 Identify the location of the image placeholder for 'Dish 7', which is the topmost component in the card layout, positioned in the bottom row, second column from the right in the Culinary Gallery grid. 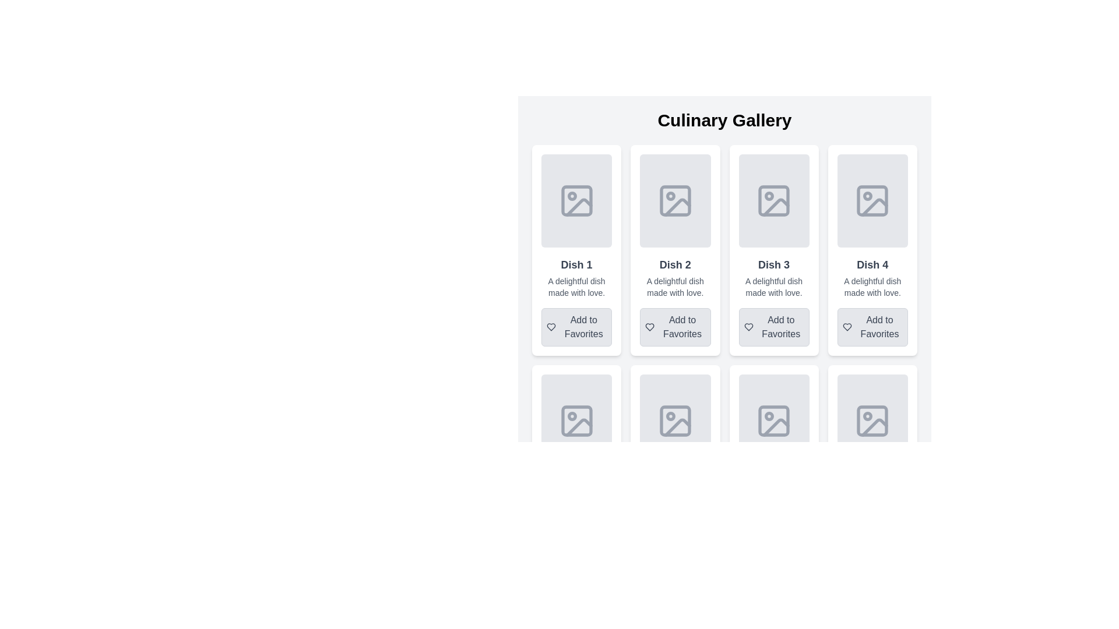
(774, 420).